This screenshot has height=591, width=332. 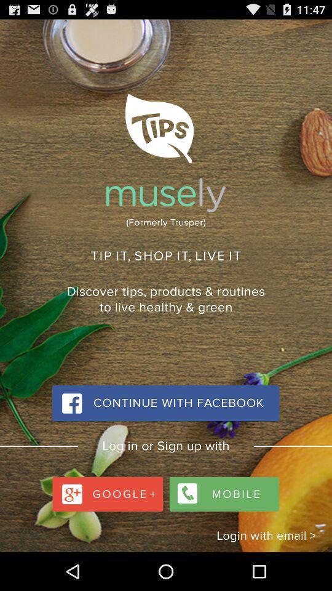 I want to click on taggle google bar, so click(x=109, y=491).